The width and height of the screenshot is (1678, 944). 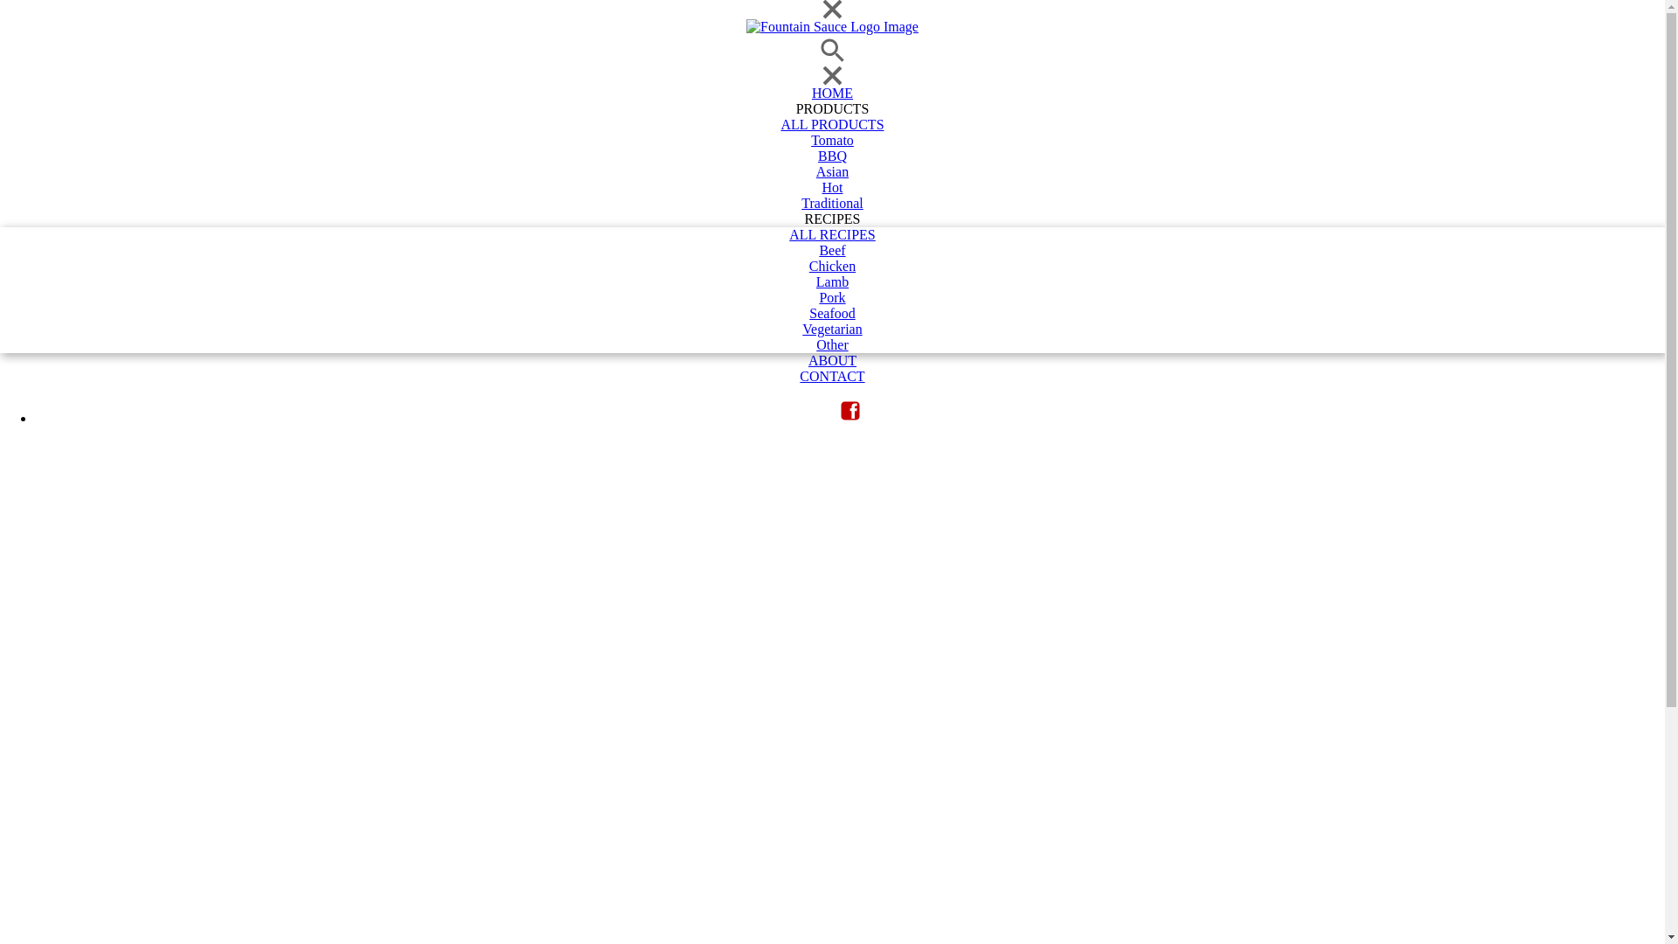 What do you see at coordinates (0, 376) in the screenshot?
I see `'CONTACT'` at bounding box center [0, 376].